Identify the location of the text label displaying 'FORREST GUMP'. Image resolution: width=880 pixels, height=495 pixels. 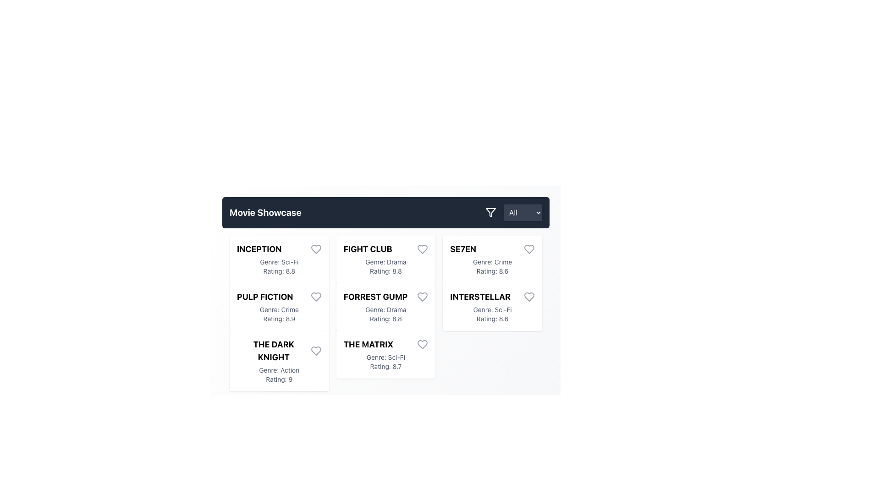
(375, 297).